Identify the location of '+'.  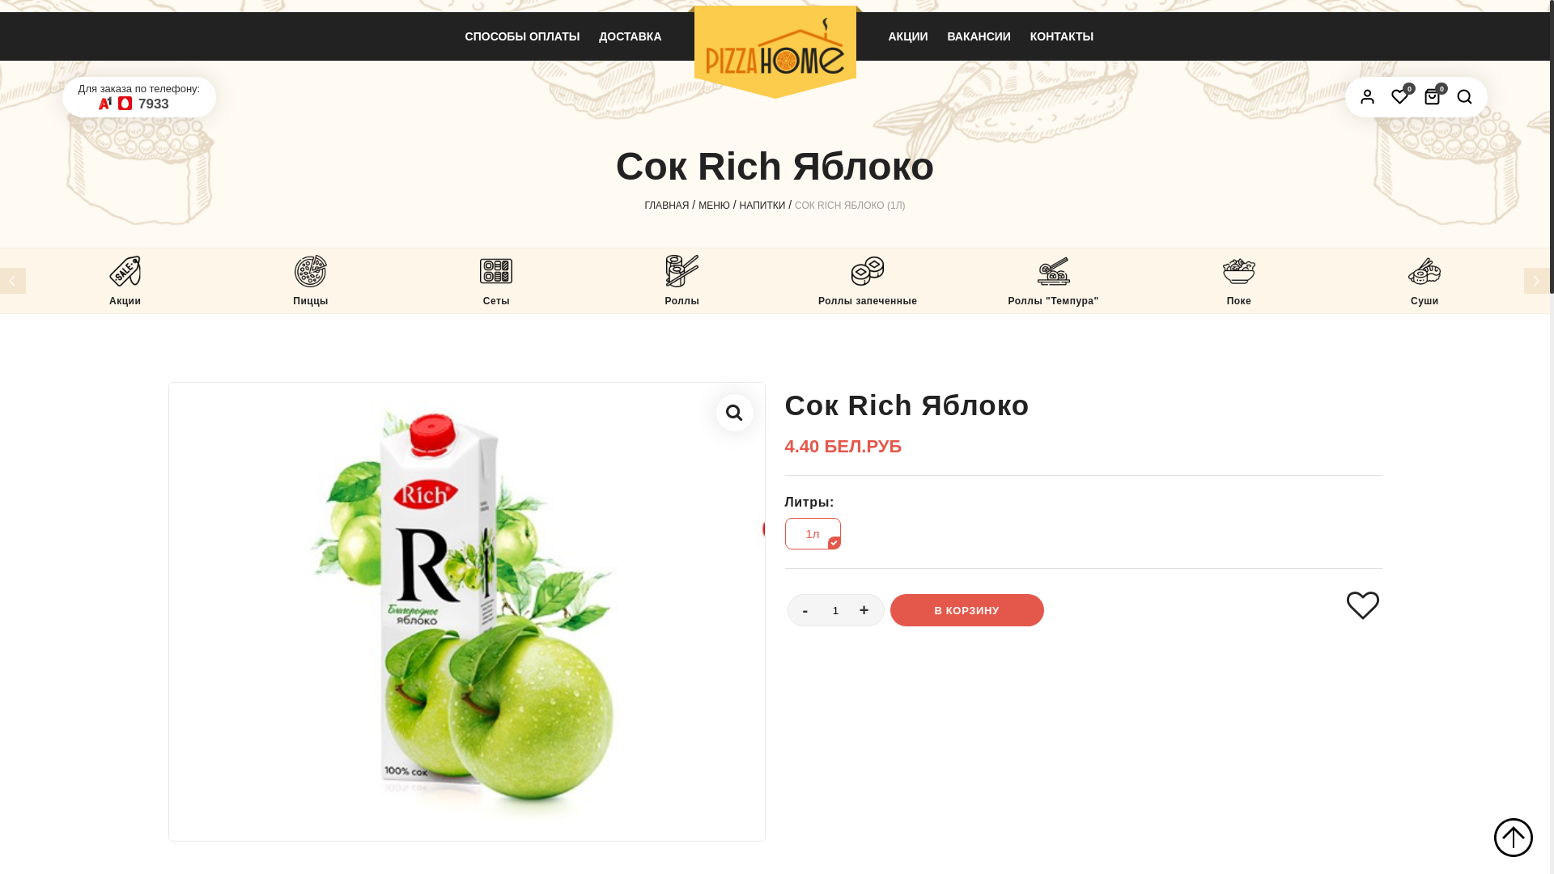
(864, 610).